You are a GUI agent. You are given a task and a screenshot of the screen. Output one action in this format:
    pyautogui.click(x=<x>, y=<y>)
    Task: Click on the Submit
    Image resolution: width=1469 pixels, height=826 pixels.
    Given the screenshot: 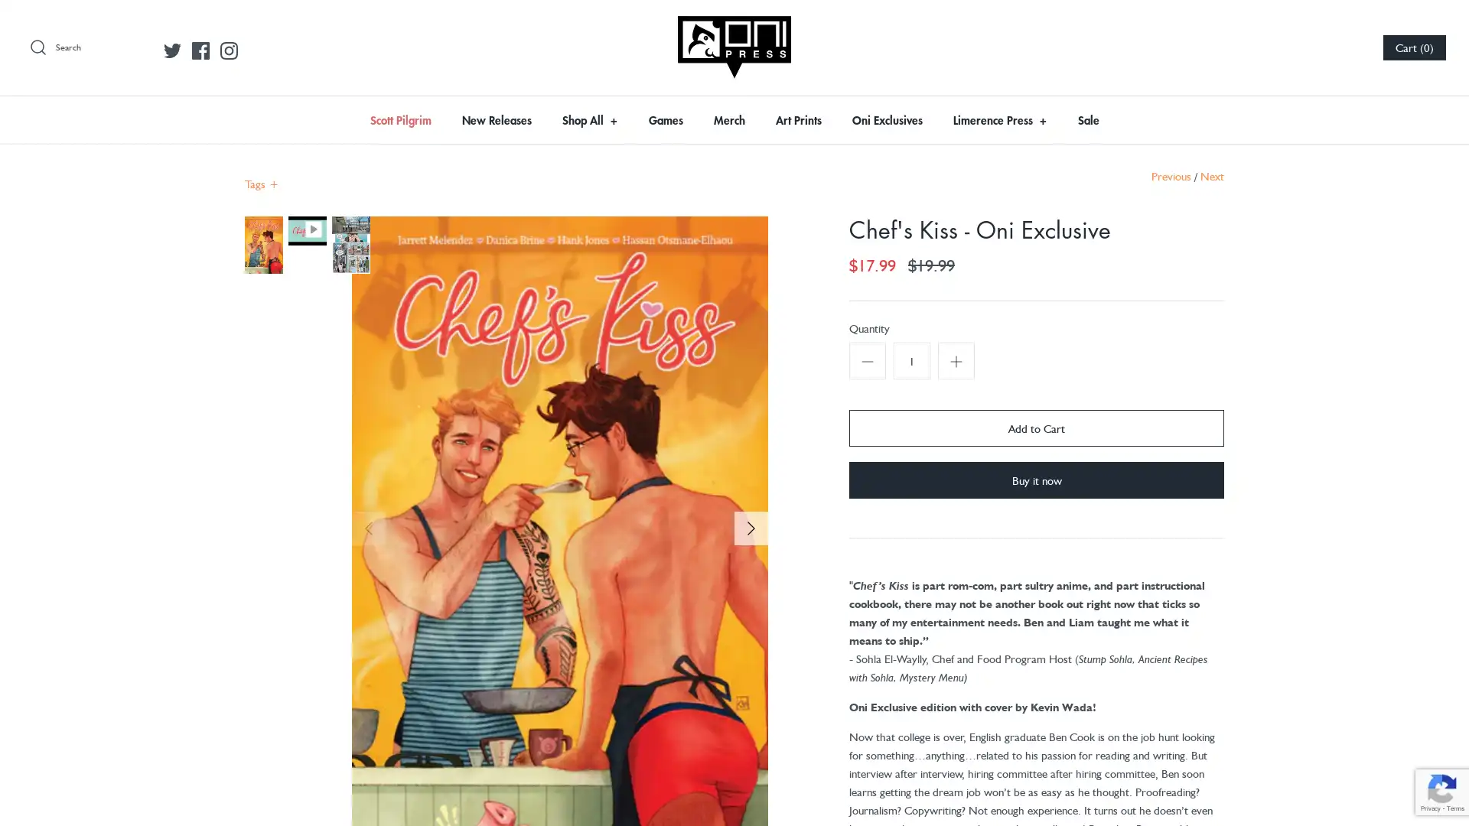 What is the action you would take?
    pyautogui.click(x=138, y=46)
    